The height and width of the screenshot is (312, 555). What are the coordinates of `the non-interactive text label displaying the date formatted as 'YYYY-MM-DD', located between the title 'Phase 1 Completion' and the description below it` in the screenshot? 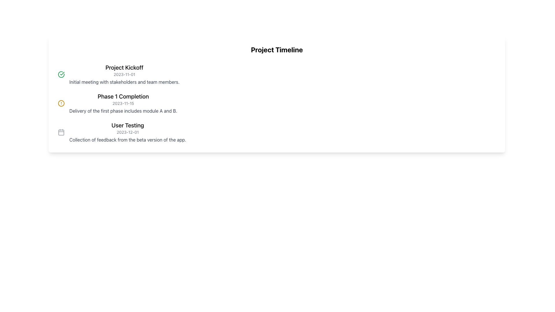 It's located at (123, 103).